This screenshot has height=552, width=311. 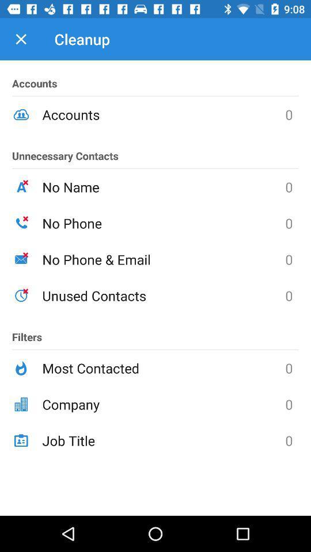 What do you see at coordinates (163, 367) in the screenshot?
I see `icon below the filters item` at bounding box center [163, 367].